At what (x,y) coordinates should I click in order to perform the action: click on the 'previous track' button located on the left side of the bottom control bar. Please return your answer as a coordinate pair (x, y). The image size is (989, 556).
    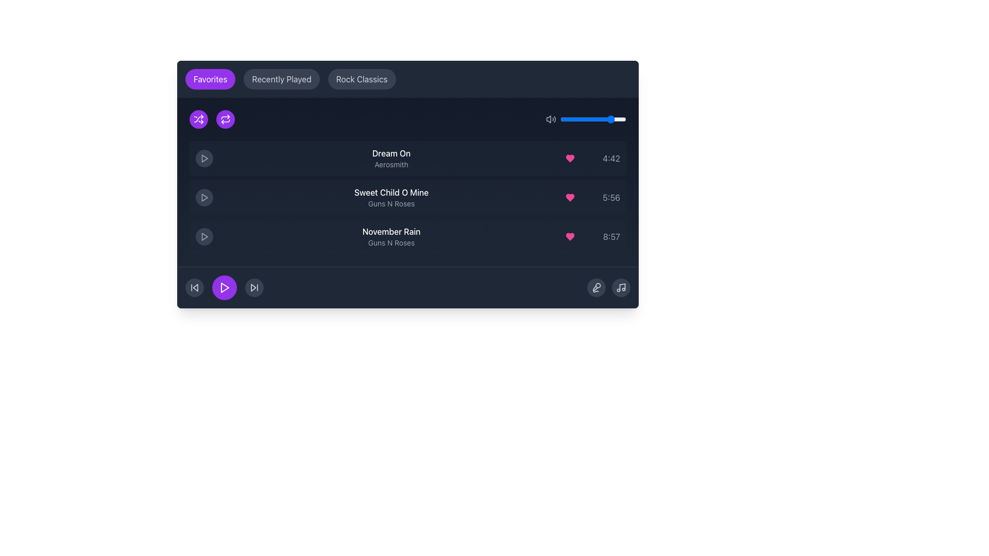
    Looking at the image, I should click on (195, 288).